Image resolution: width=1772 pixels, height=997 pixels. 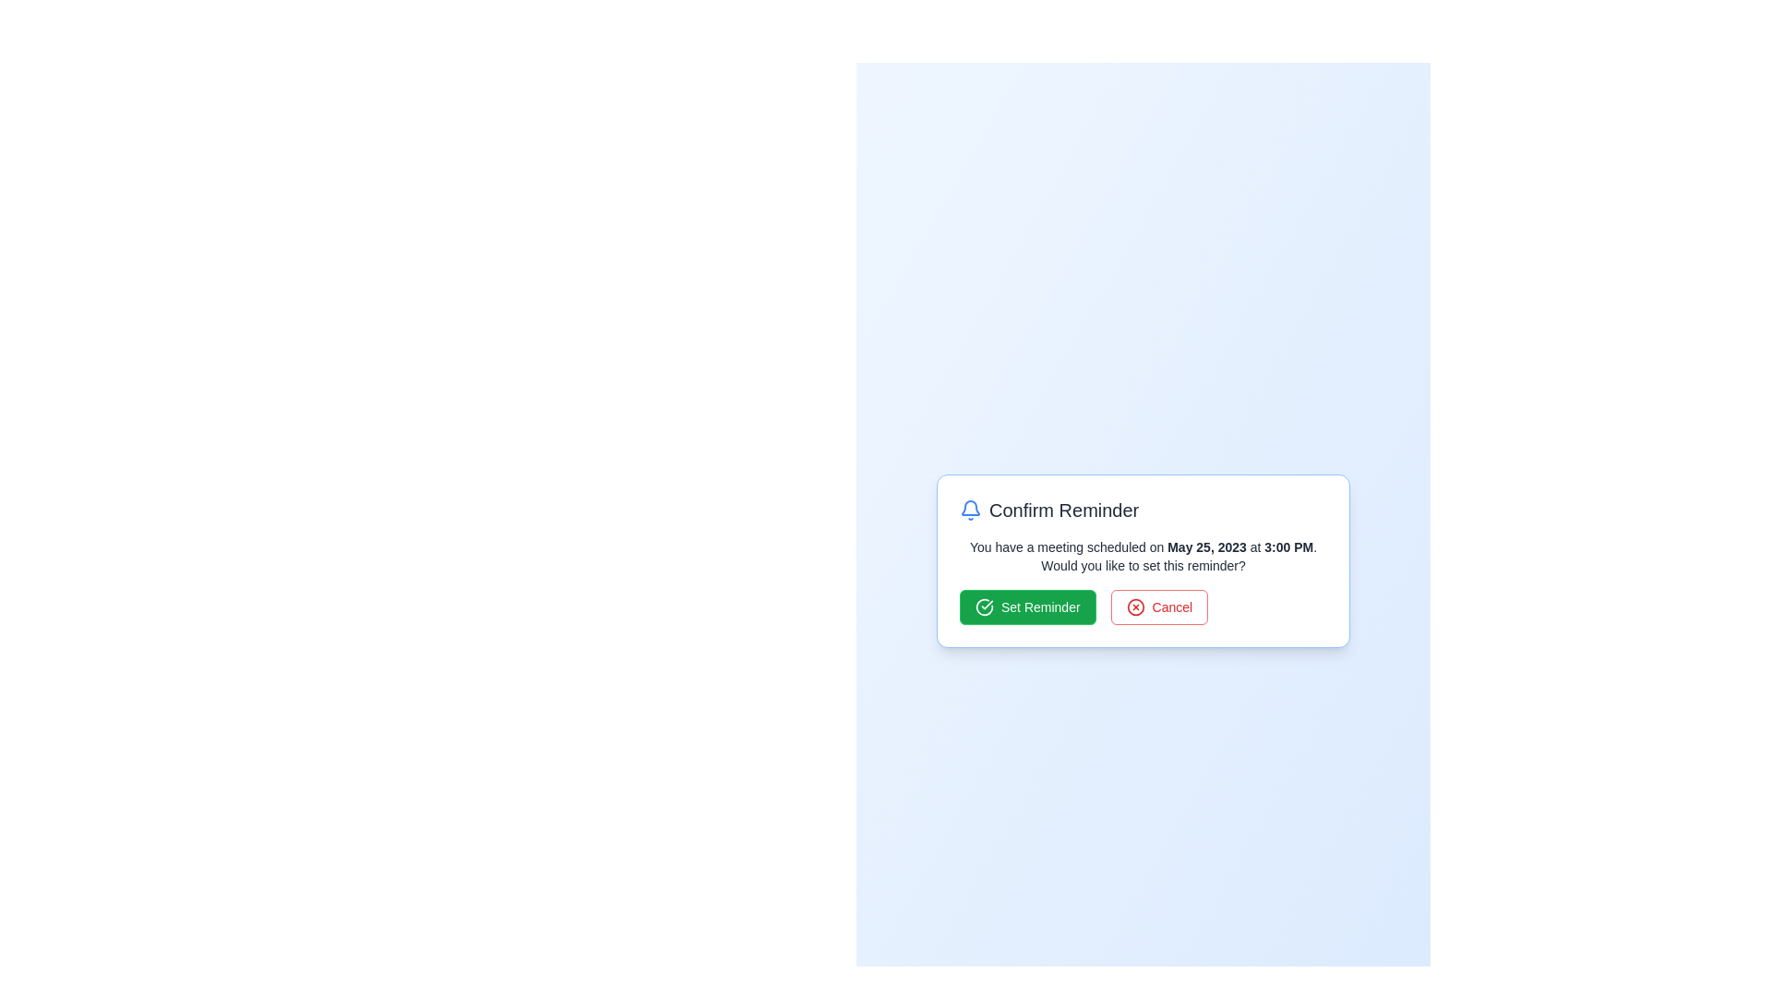 What do you see at coordinates (1040, 607) in the screenshot?
I see `the 'Set Reminder' text within the green button` at bounding box center [1040, 607].